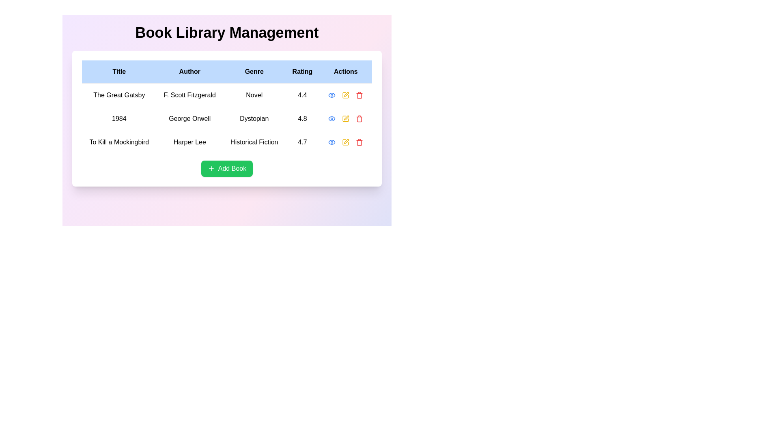 The height and width of the screenshot is (438, 779). Describe the element at coordinates (346, 142) in the screenshot. I see `the yellow pen icon in the 'Actions' column of the last row in the table to initiate the editing action` at that location.